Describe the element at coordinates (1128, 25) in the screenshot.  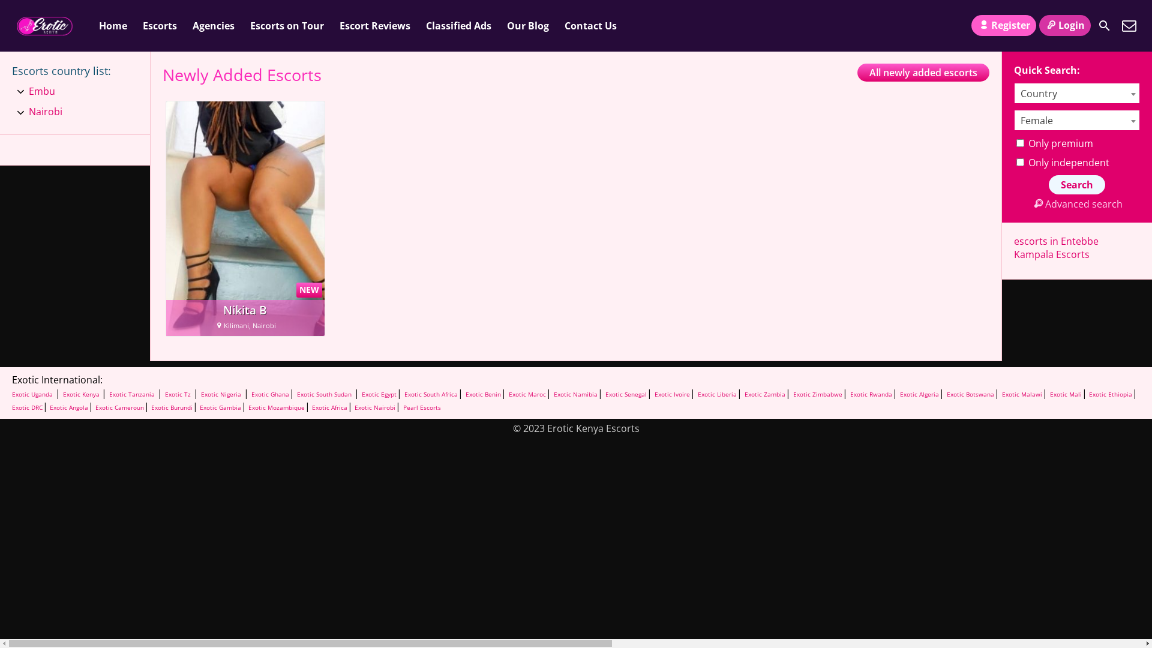
I see `'Contact Us'` at that location.